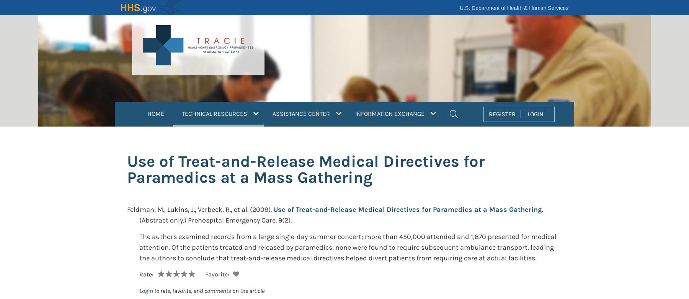 This screenshot has height=299, width=689. What do you see at coordinates (306, 169) in the screenshot?
I see `'Use of Treat-and-Release Medical Directives for Paramedics at a Mass Gathering'` at bounding box center [306, 169].